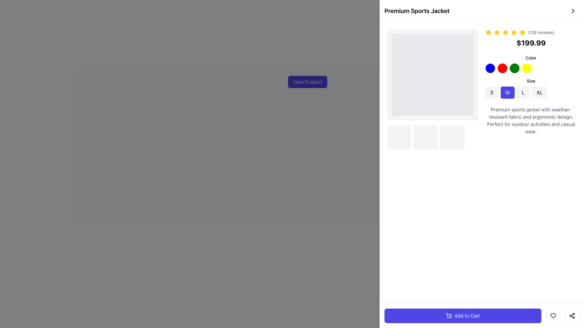 The image size is (584, 328). What do you see at coordinates (572, 316) in the screenshot?
I see `the square button with a rounded border and a black share network icon, located to the far right of a group of buttons, adjacent to a heart-shaped icon button and near an 'Add to Cart' button, to share content` at bounding box center [572, 316].